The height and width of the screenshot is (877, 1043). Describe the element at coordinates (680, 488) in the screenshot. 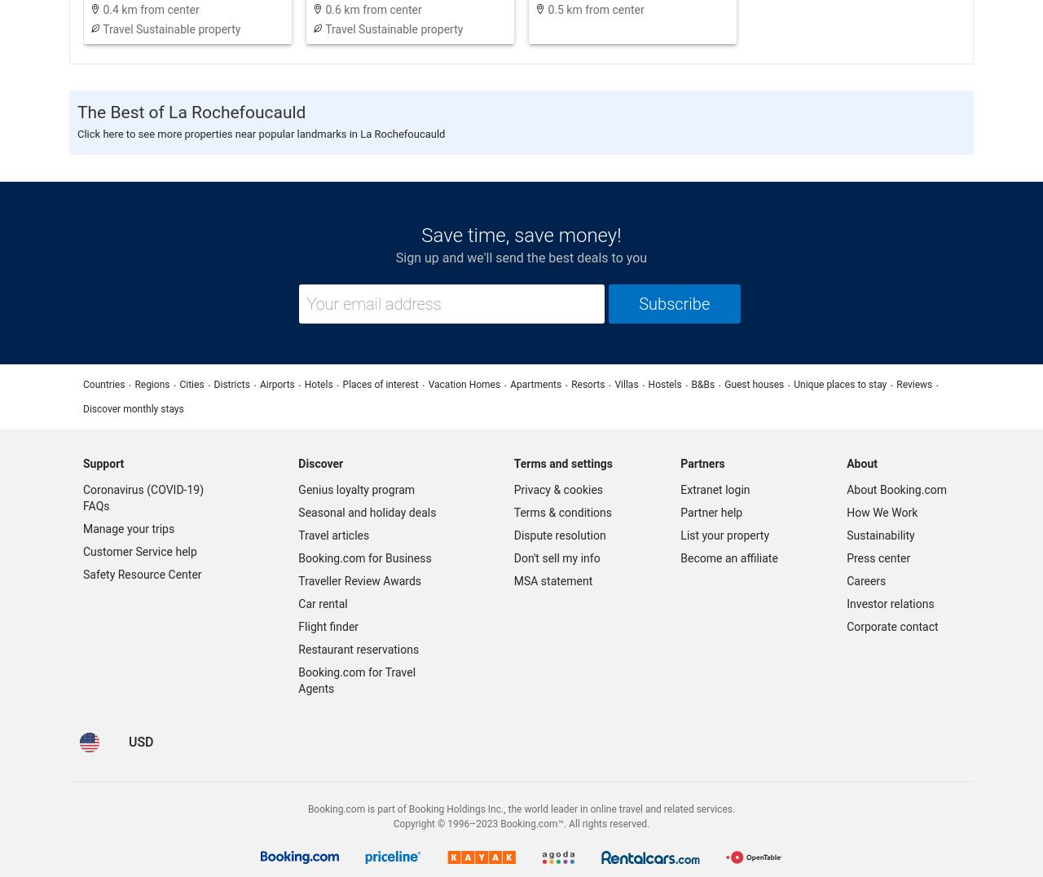

I see `'Extranet login'` at that location.